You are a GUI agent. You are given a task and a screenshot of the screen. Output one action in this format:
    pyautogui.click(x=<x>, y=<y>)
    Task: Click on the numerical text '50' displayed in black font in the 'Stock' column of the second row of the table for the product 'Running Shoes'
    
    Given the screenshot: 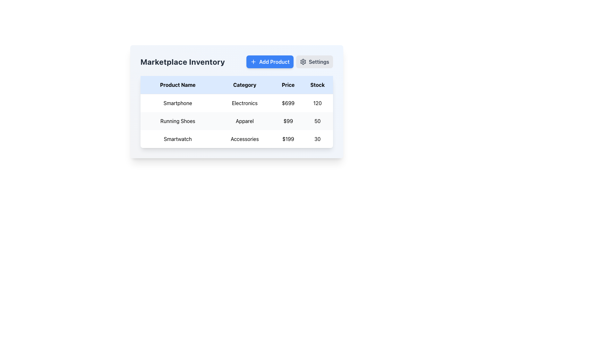 What is the action you would take?
    pyautogui.click(x=317, y=121)
    